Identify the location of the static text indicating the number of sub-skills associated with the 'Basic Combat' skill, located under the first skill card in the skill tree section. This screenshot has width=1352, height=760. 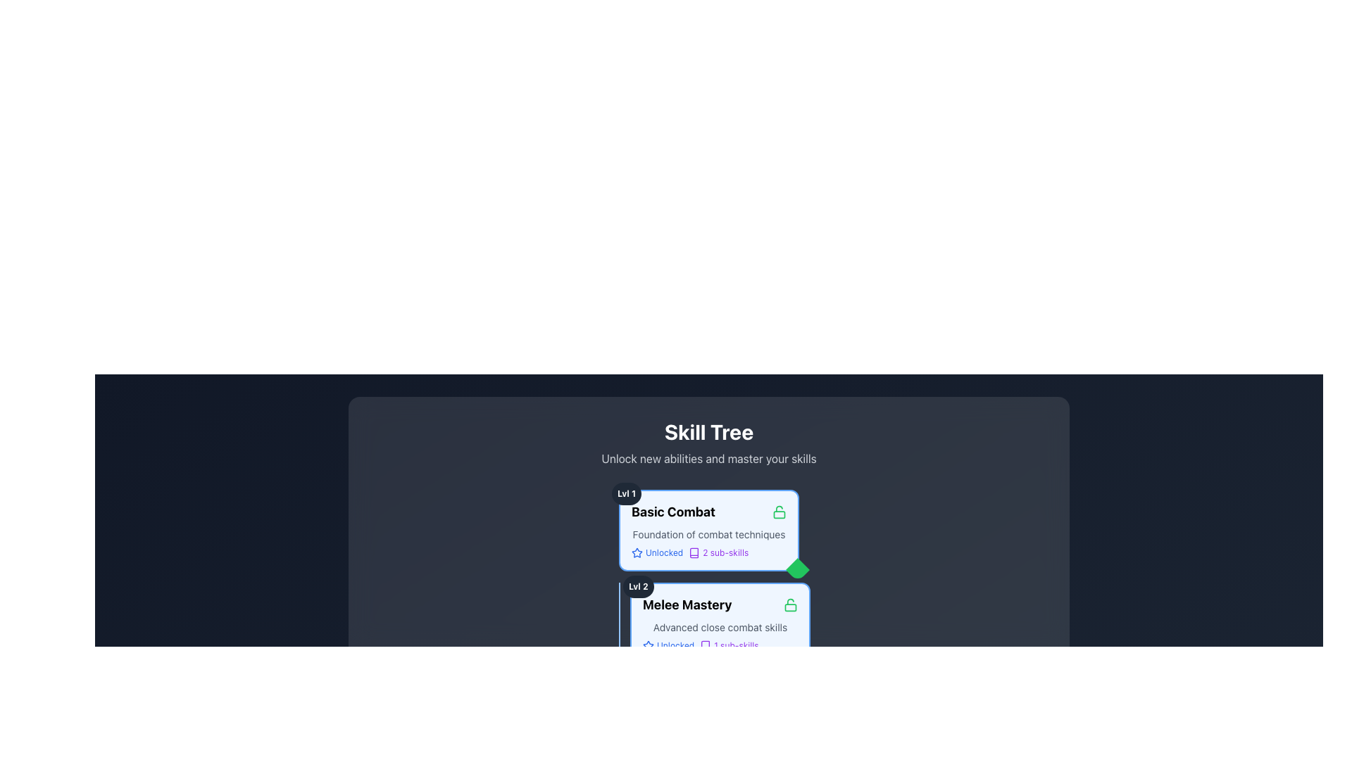
(725, 552).